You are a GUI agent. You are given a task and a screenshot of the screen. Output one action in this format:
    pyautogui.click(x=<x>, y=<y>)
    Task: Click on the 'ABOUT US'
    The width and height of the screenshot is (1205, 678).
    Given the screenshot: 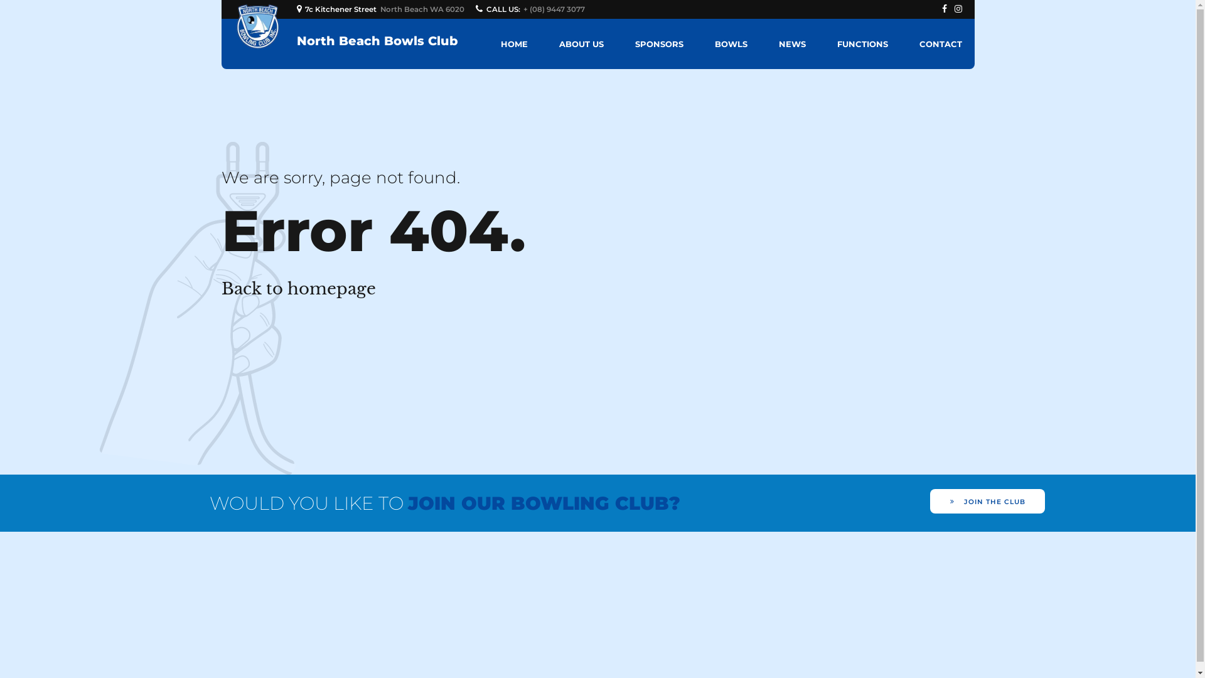 What is the action you would take?
    pyautogui.click(x=557, y=43)
    